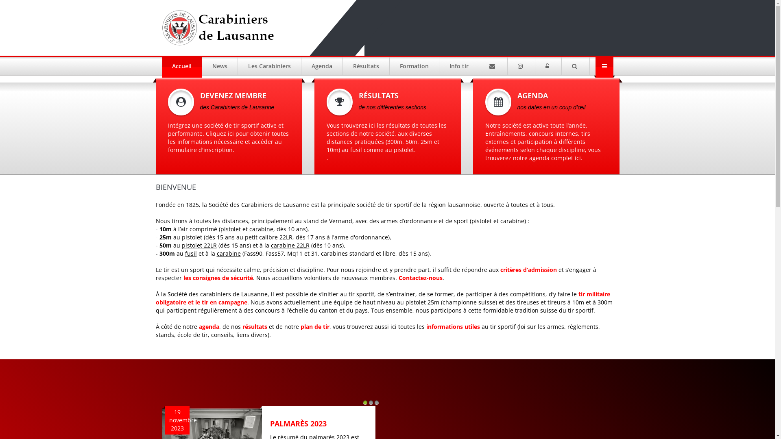  Describe the element at coordinates (181, 65) in the screenshot. I see `'Accueil'` at that location.